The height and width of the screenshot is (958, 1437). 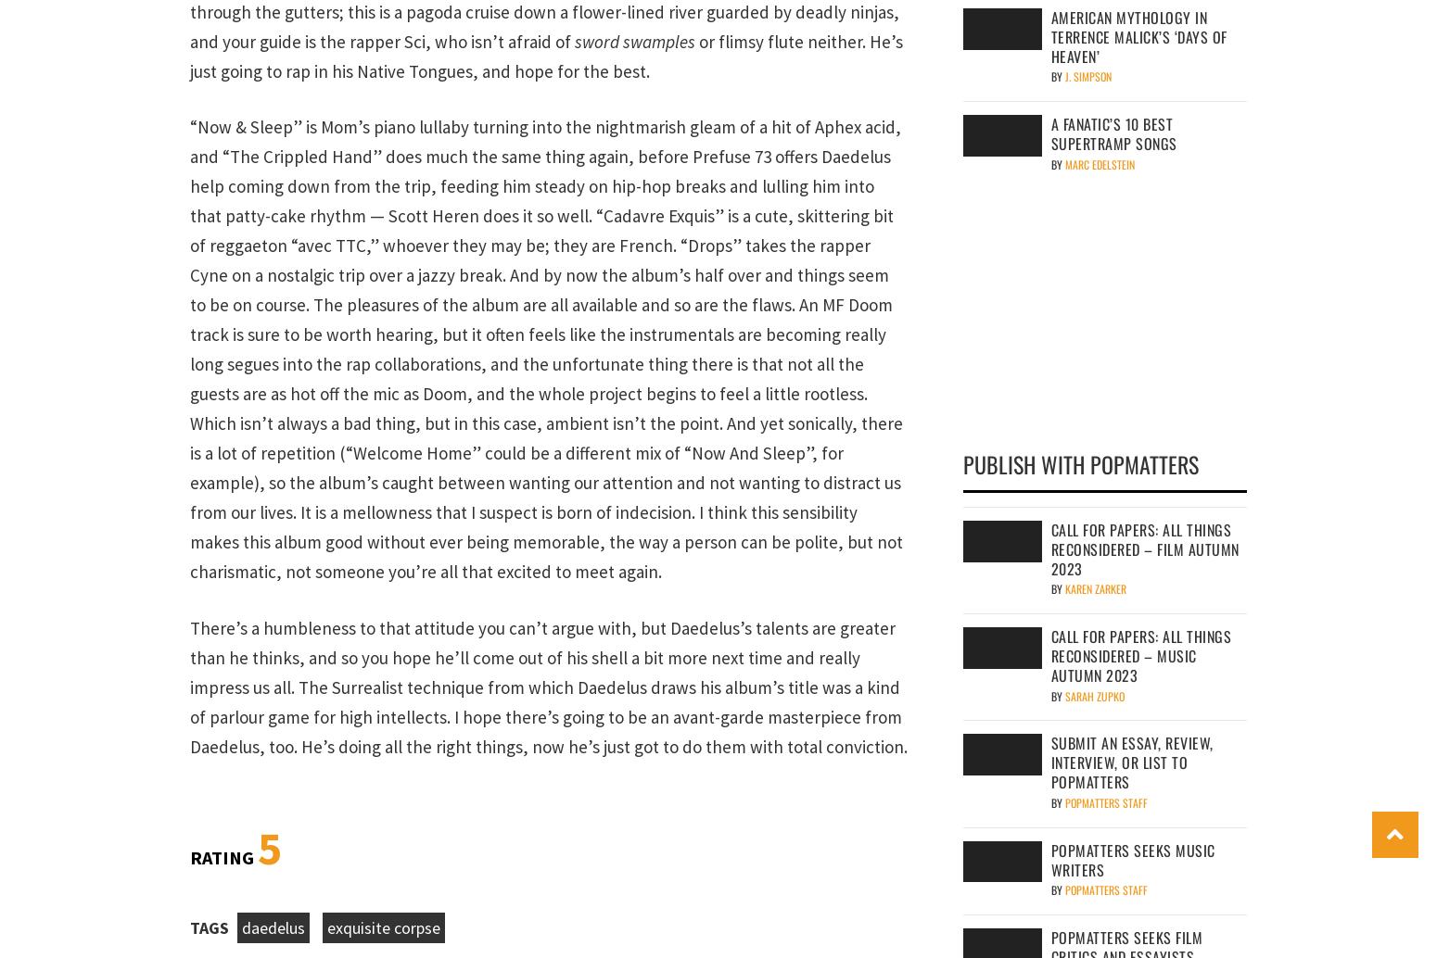 What do you see at coordinates (548, 686) in the screenshot?
I see `'There’s a humbleness to that attitude you can’t argue with, but Daedelus’s talents are greater than he thinks, and so you hope he’ll come out of his shell a bit more next time and really impress us all. The Surrealist technique from which Daedelus draws his album’s title was a kind of parlour game for high intellects. I hope there’s going to be an avant-garde masterpiece from Daedelus, too. He’s doing all the right things, now he’s just got to do them with total conviction.'` at bounding box center [548, 686].